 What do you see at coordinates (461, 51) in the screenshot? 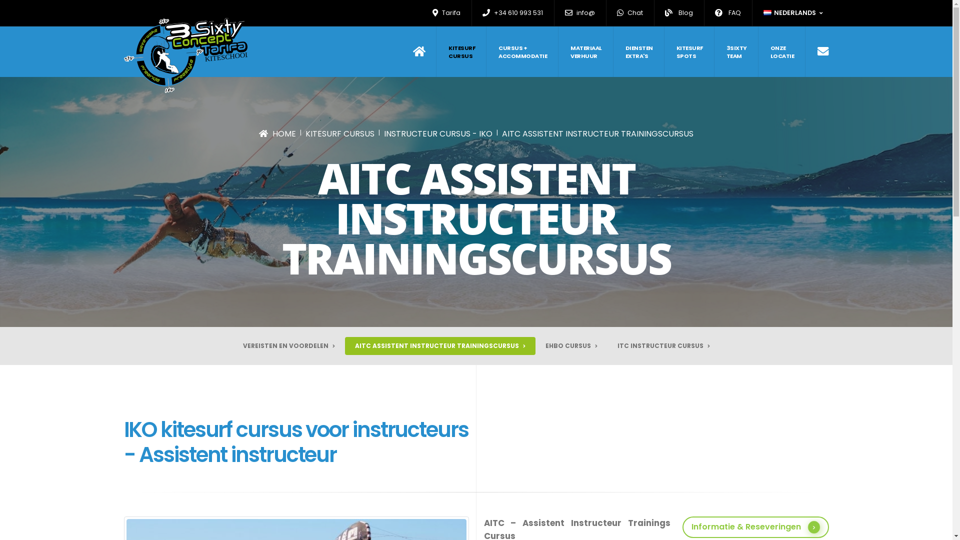
I see `'KITESURF CURSUS'` at bounding box center [461, 51].